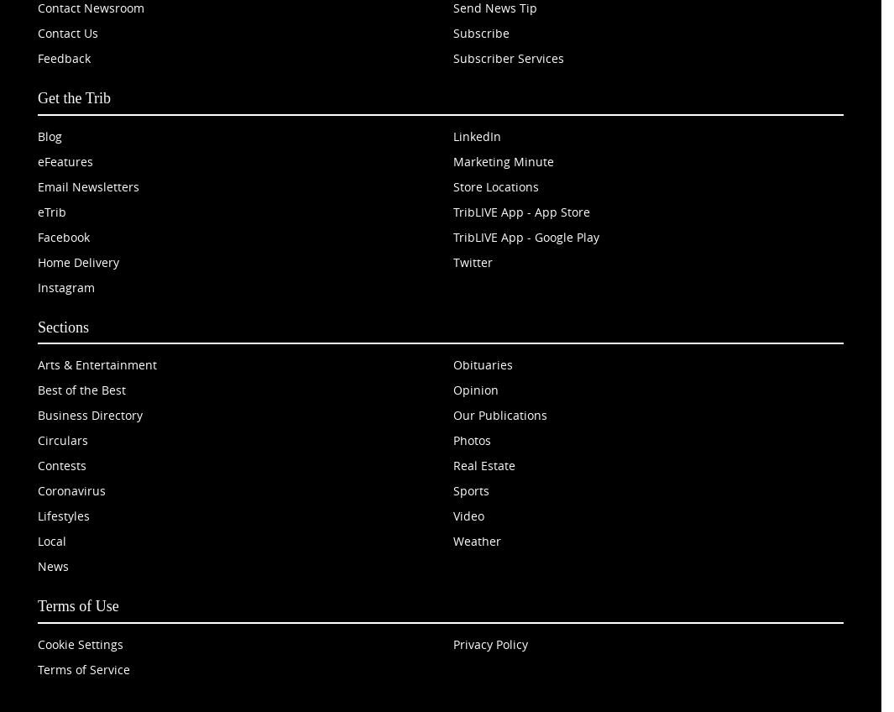 The image size is (894, 712). I want to click on 'Cookie Settings', so click(79, 643).